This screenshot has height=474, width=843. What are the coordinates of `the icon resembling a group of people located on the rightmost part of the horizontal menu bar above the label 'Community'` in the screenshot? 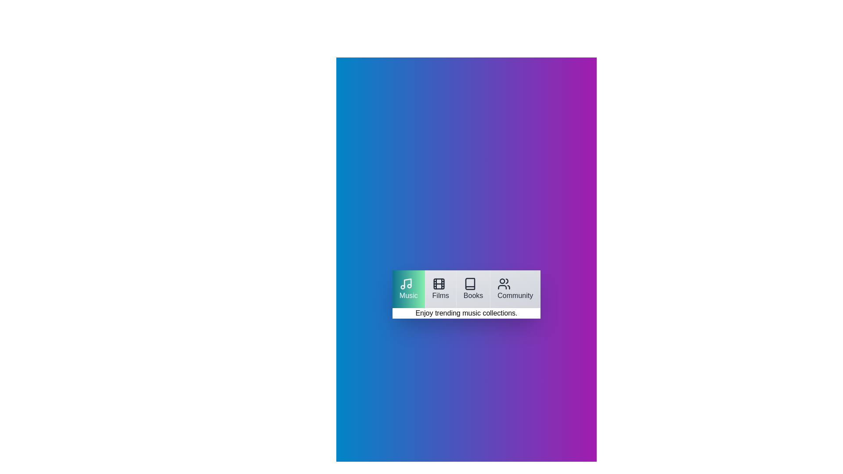 It's located at (504, 284).